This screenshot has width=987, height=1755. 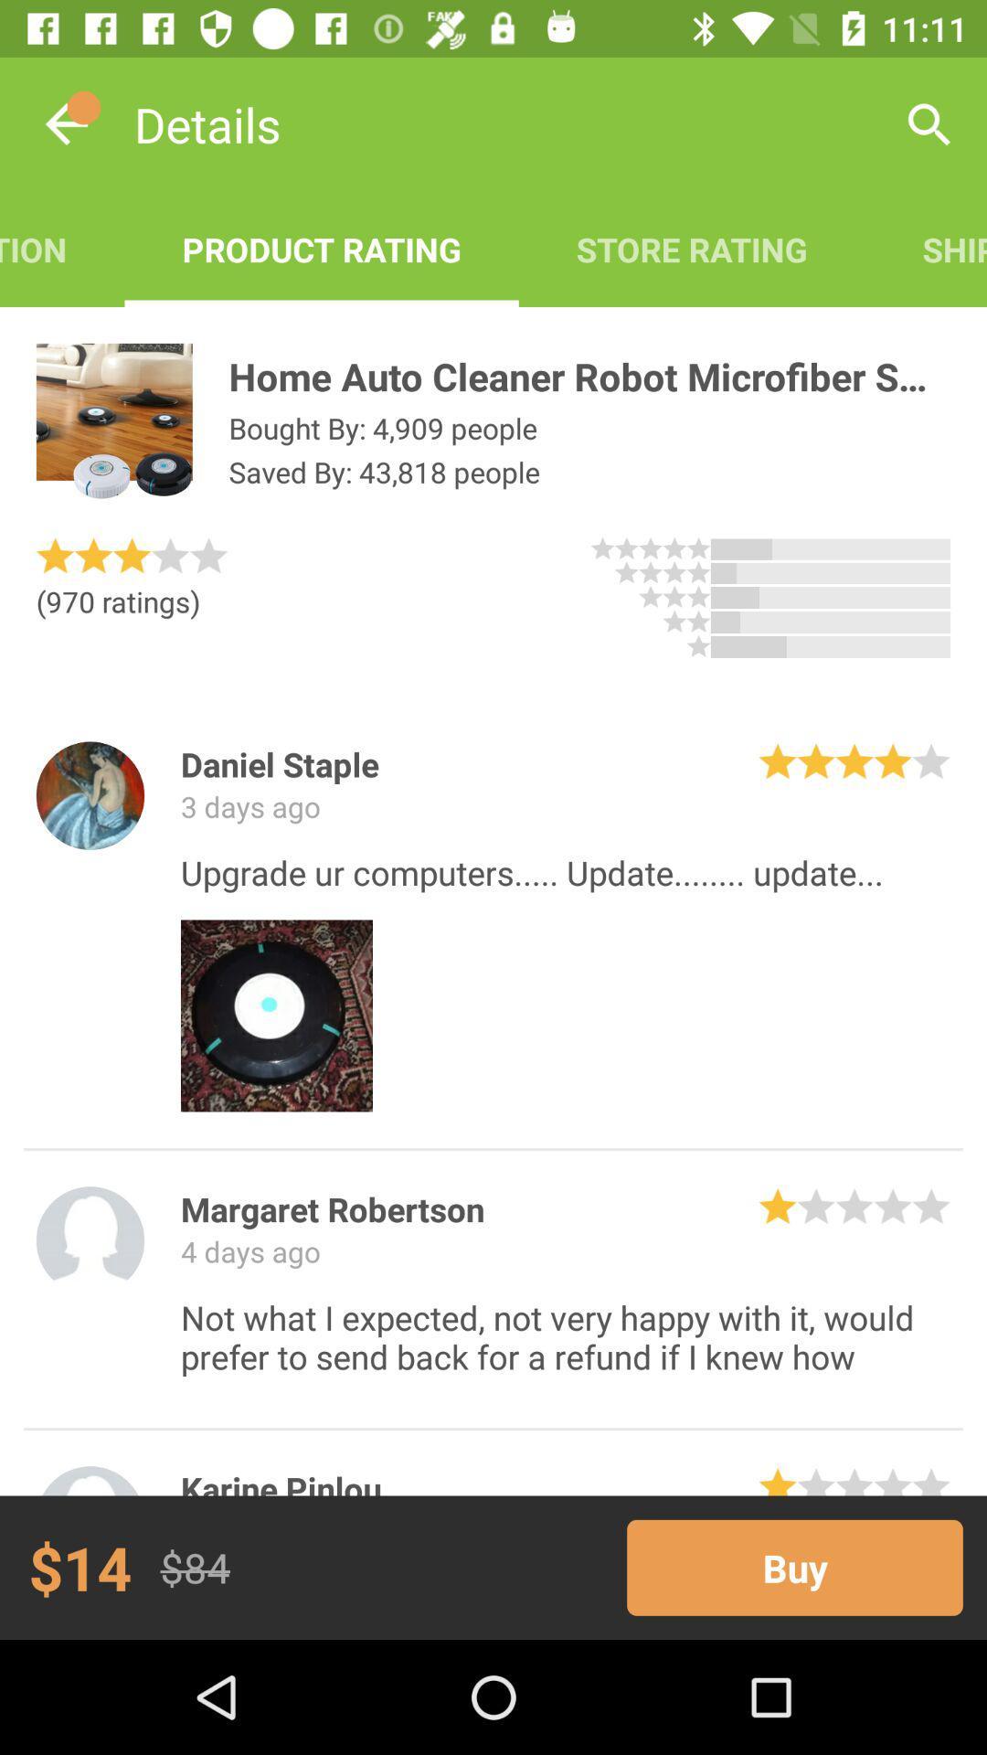 What do you see at coordinates (926, 249) in the screenshot?
I see `icon to the right of the store rating icon` at bounding box center [926, 249].